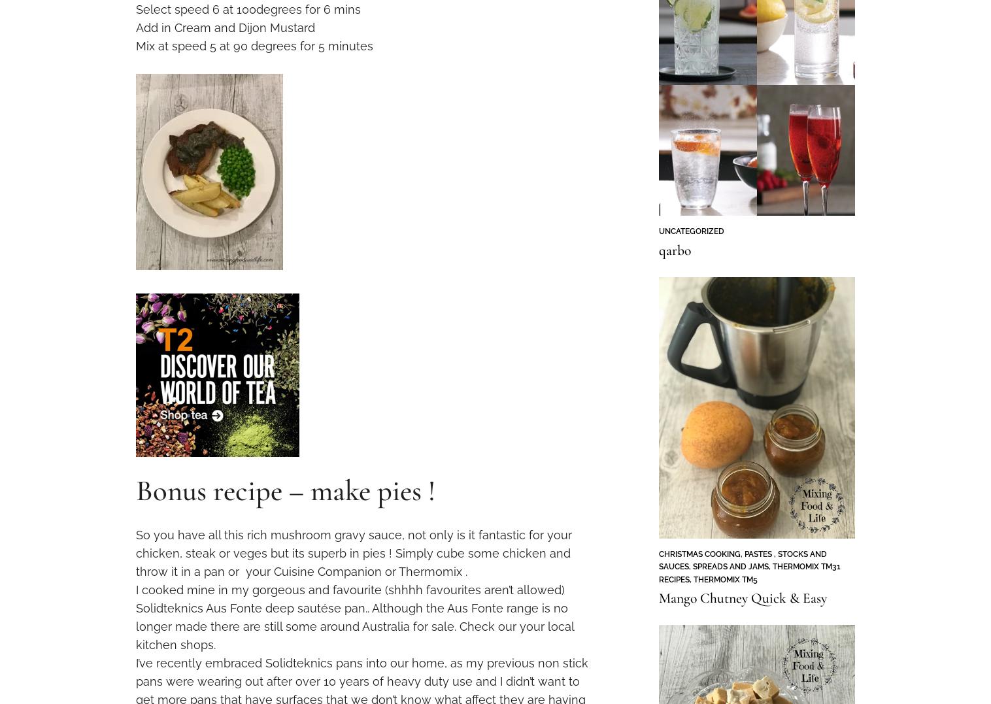 This screenshot has height=704, width=991. Describe the element at coordinates (748, 573) in the screenshot. I see `'Thermomix TM31 Recipes'` at that location.